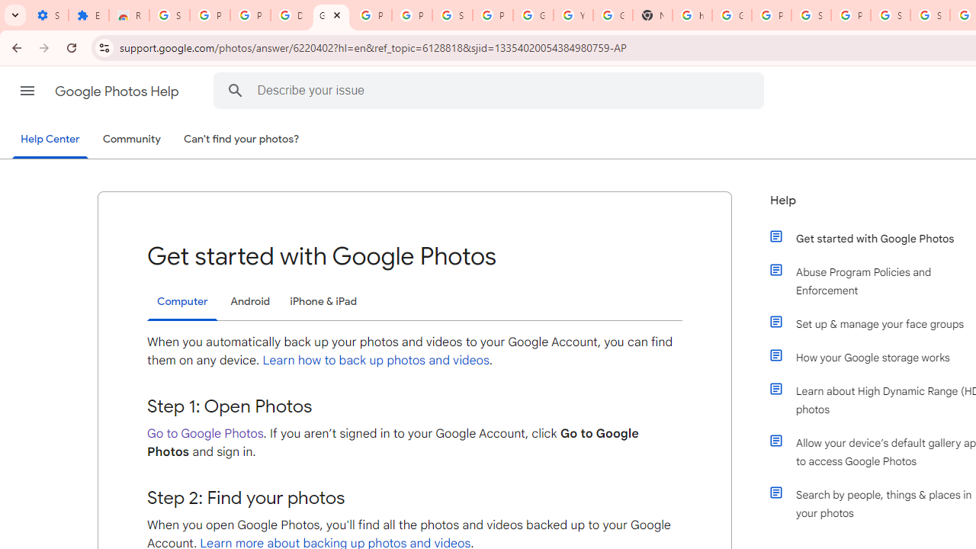 This screenshot has width=976, height=549. I want to click on 'Reviews: Helix Fruit Jump Arcade Game', so click(129, 15).